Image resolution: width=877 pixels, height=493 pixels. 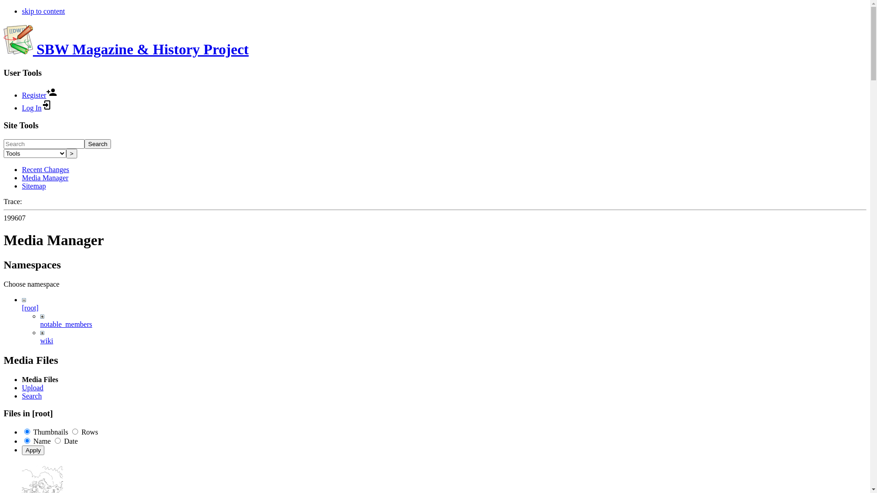 I want to click on 'Media Manager', so click(x=45, y=178).